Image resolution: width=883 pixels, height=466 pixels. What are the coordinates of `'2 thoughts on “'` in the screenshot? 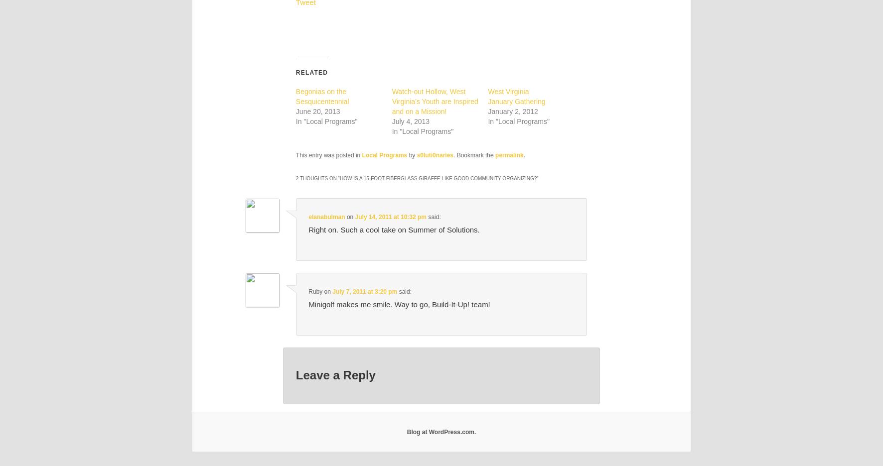 It's located at (317, 178).